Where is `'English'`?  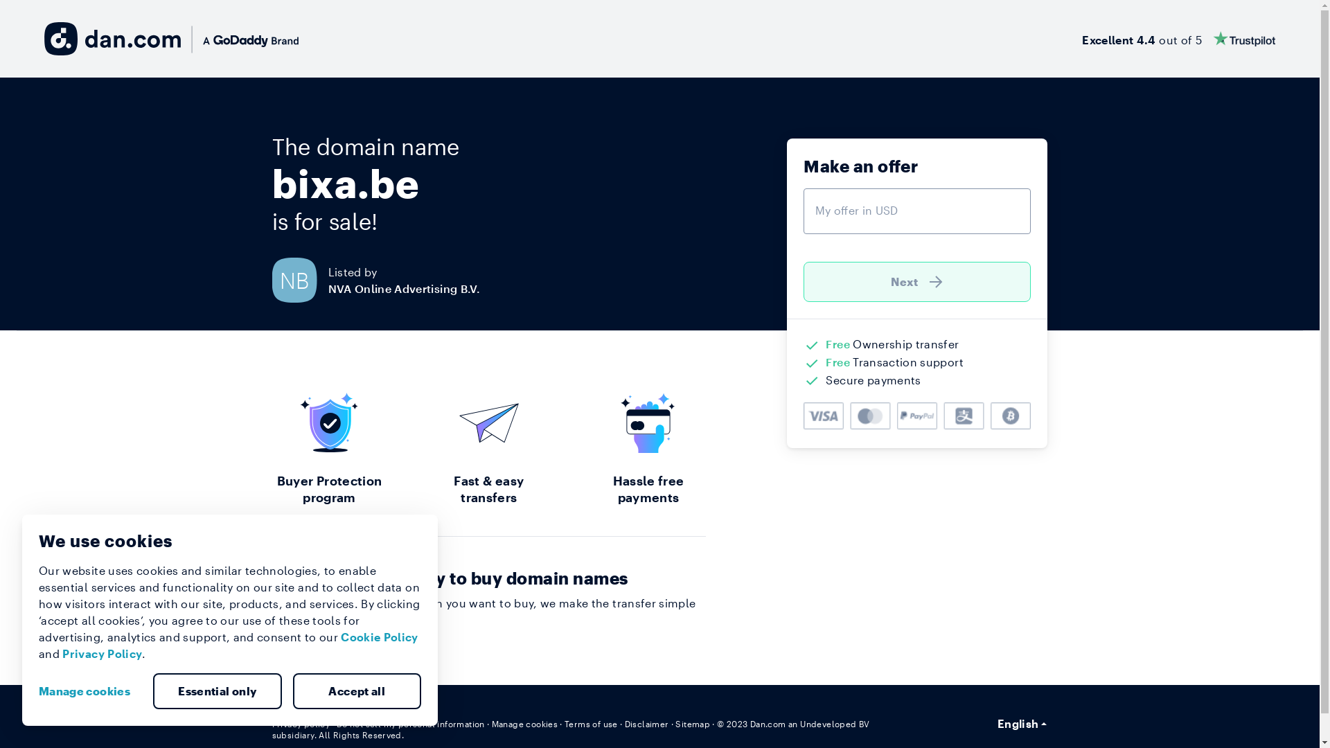 'English' is located at coordinates (1022, 723).